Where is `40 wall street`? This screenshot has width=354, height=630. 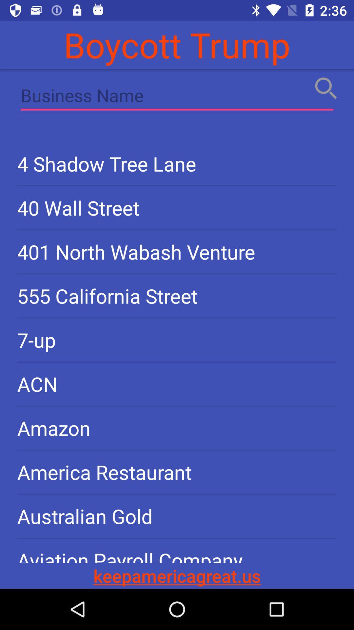
40 wall street is located at coordinates (177, 207).